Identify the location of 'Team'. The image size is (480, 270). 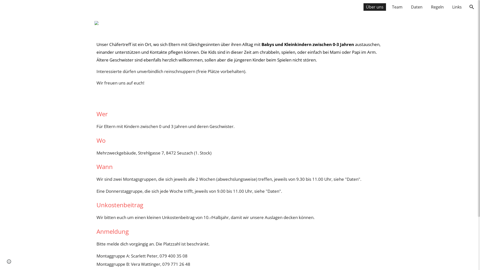
(397, 7).